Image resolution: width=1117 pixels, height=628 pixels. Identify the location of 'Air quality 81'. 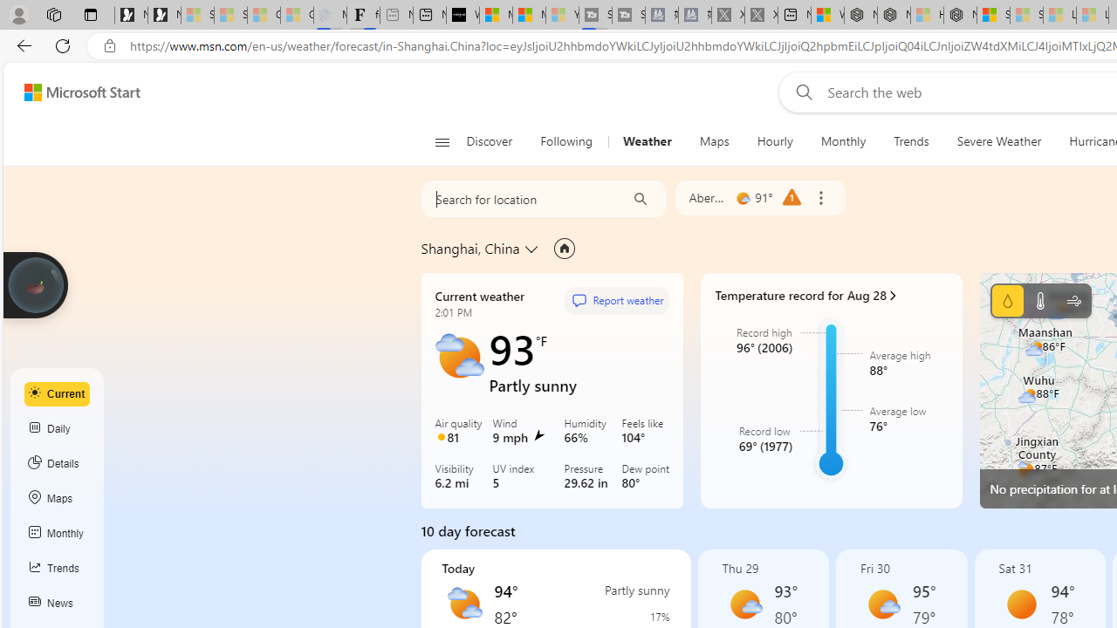
(460, 432).